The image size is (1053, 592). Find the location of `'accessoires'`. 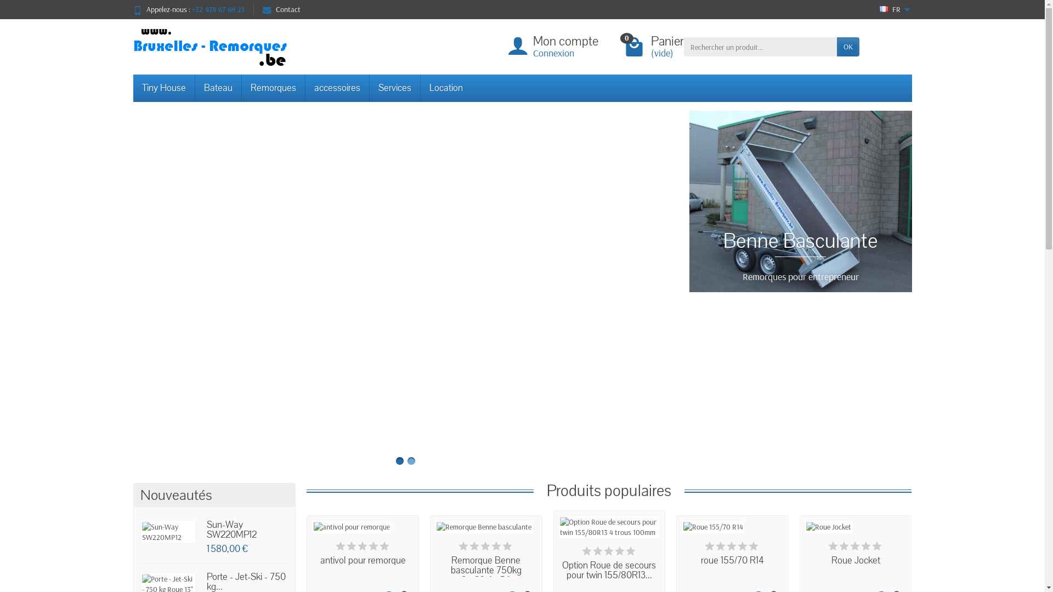

'accessoires' is located at coordinates (336, 88).